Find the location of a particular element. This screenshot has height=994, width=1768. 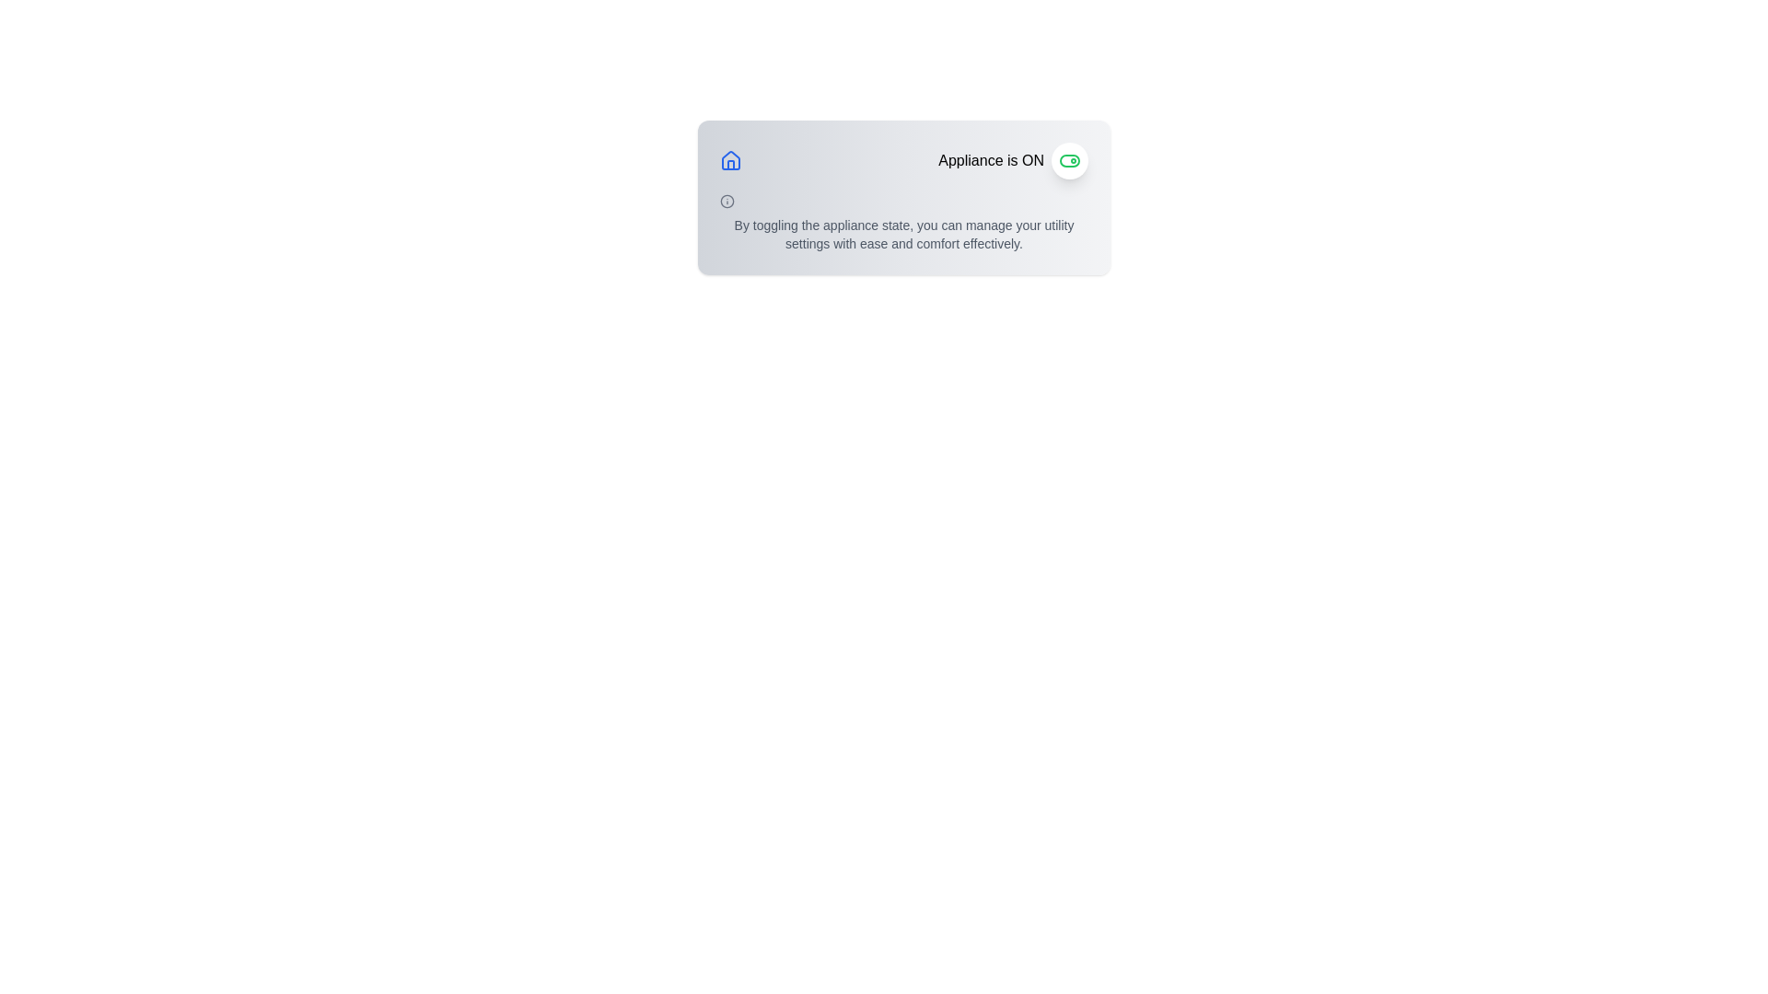

the toggle button in the top-right corner of the 'Appliance is ON' informational card to change its state is located at coordinates (1069, 159).